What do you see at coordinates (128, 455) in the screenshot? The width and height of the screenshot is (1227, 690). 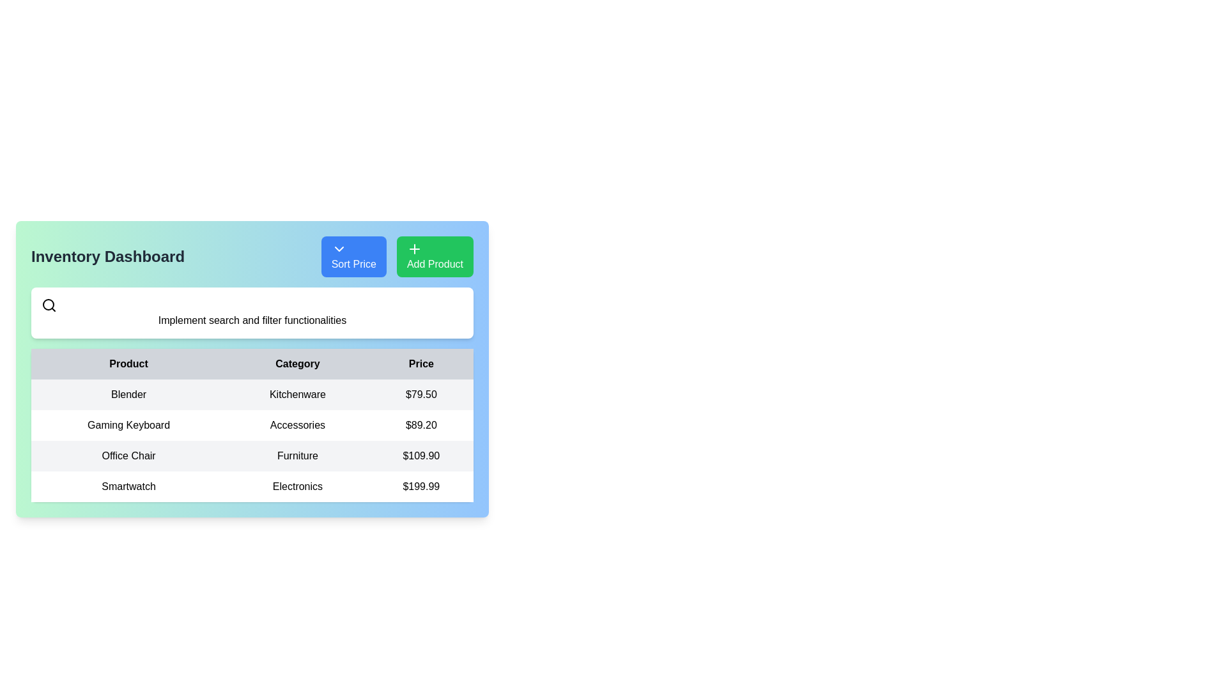 I see `the text label displaying 'Office Chair' which is part of a table under the 'Product' column, located to the left of 'Furniture' and '$109.90'` at bounding box center [128, 455].